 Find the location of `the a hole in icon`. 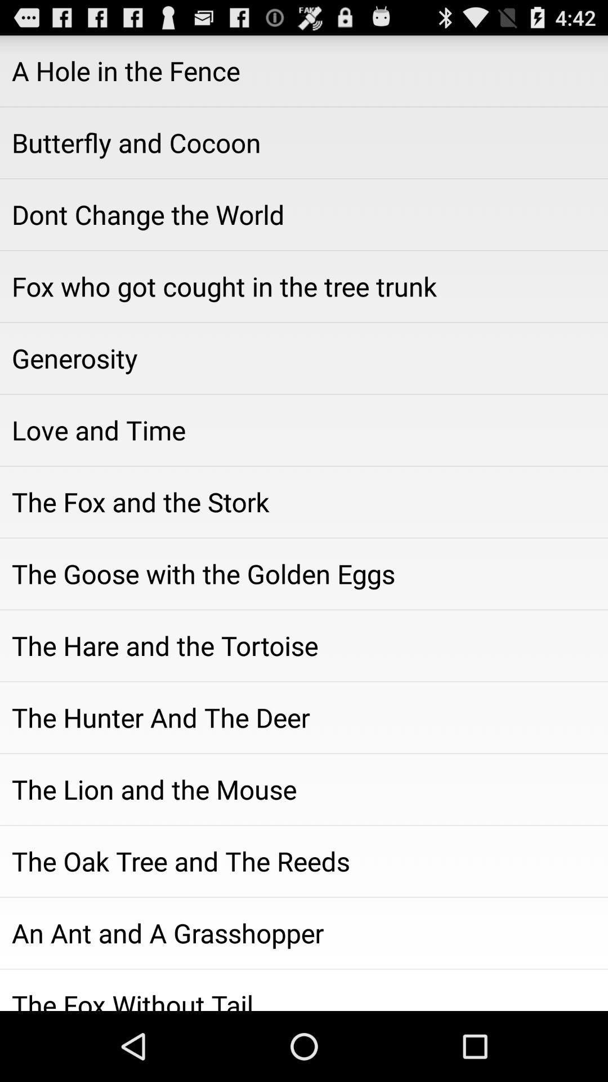

the a hole in icon is located at coordinates (304, 70).